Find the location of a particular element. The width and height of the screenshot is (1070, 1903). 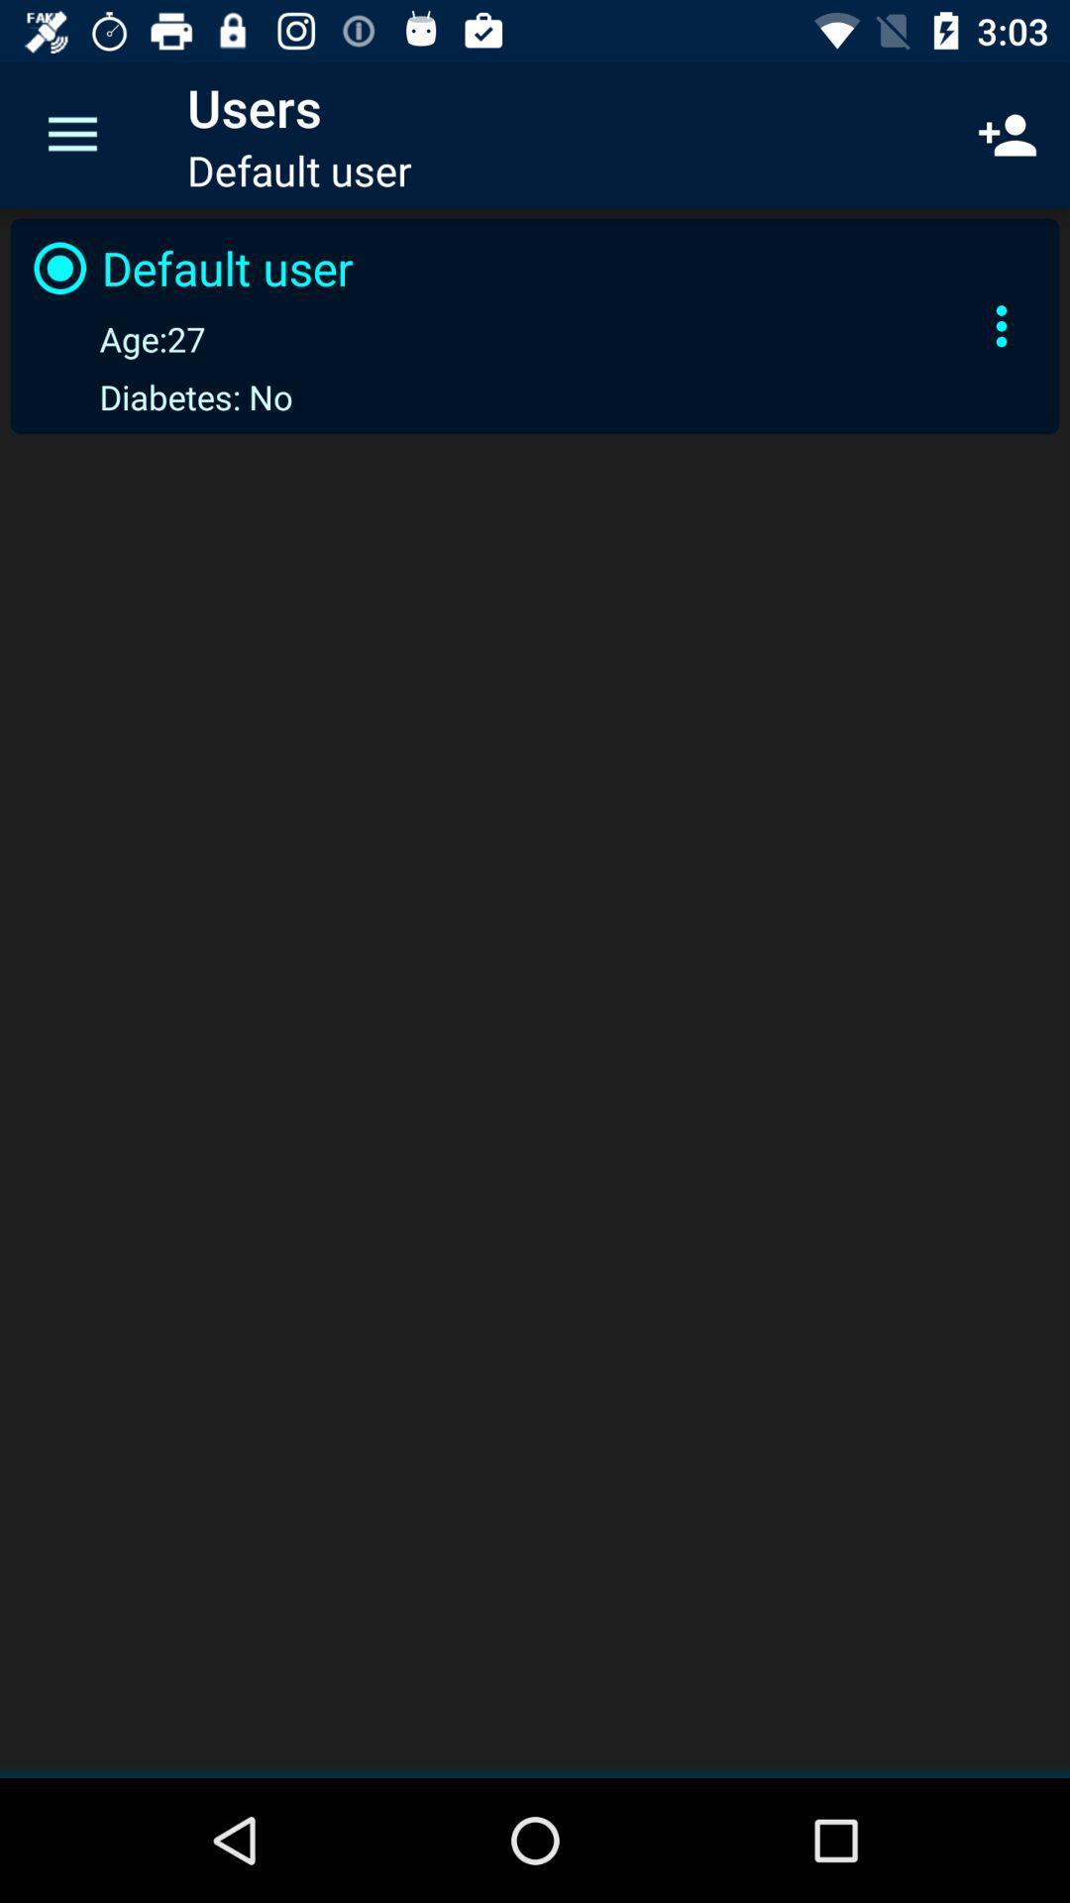

the icon above the diabetes: no icon is located at coordinates (115, 338).